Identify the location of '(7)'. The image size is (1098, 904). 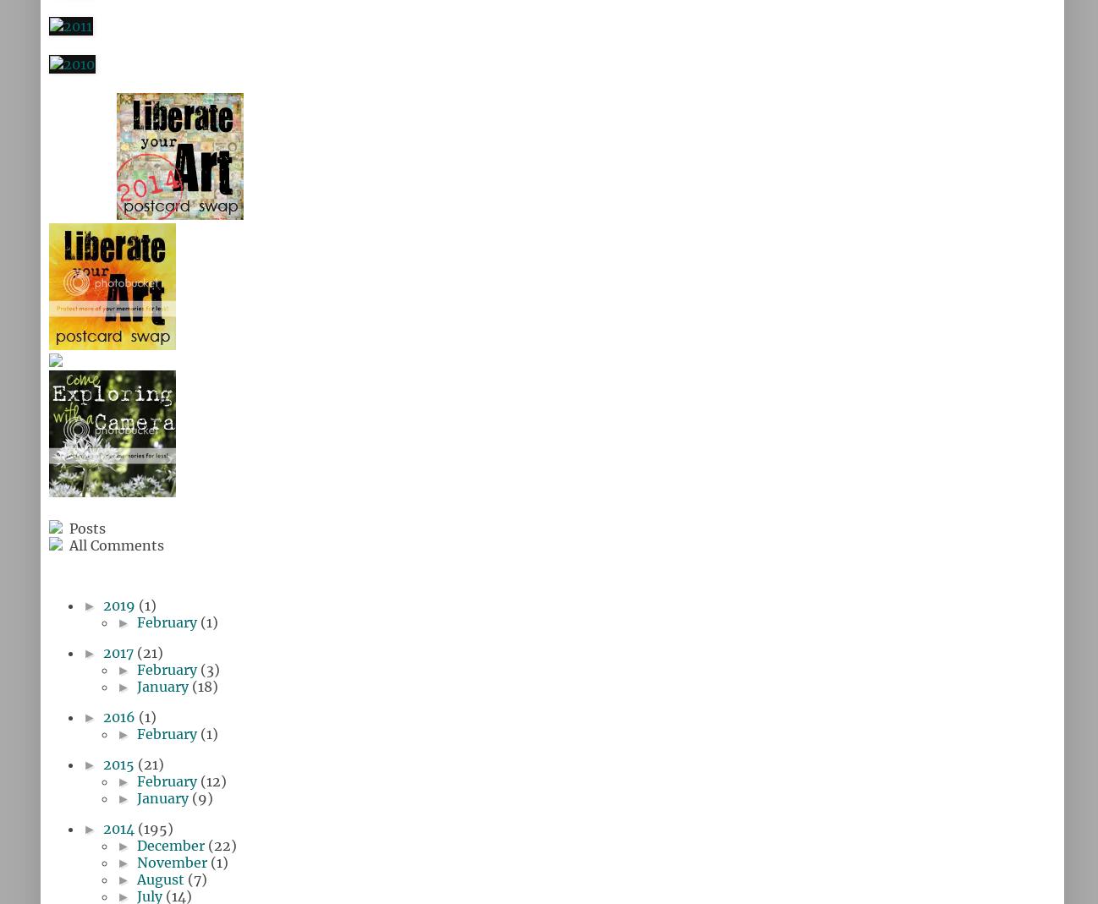
(196, 879).